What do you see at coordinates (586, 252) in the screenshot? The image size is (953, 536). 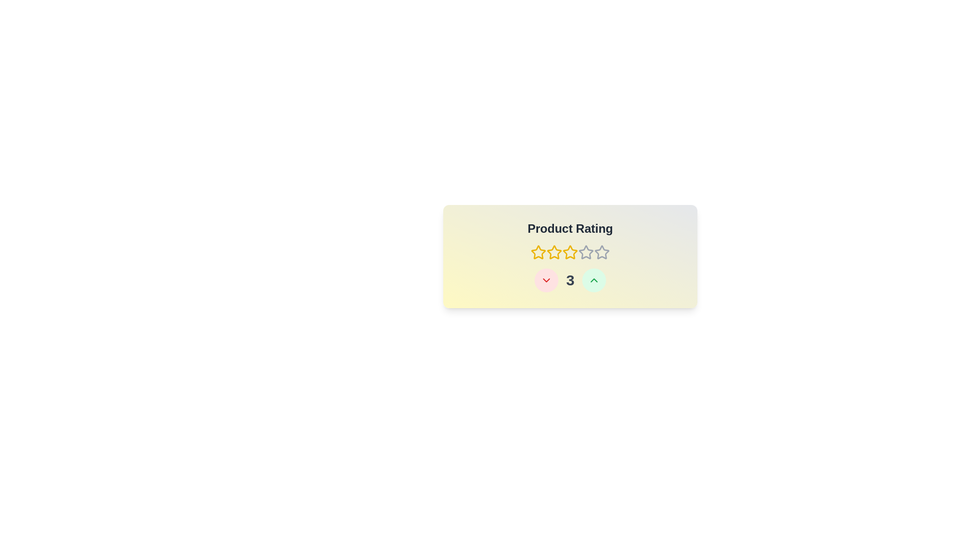 I see `the fourth star in the sequence of five rating stars under the label 'Product Rating'` at bounding box center [586, 252].